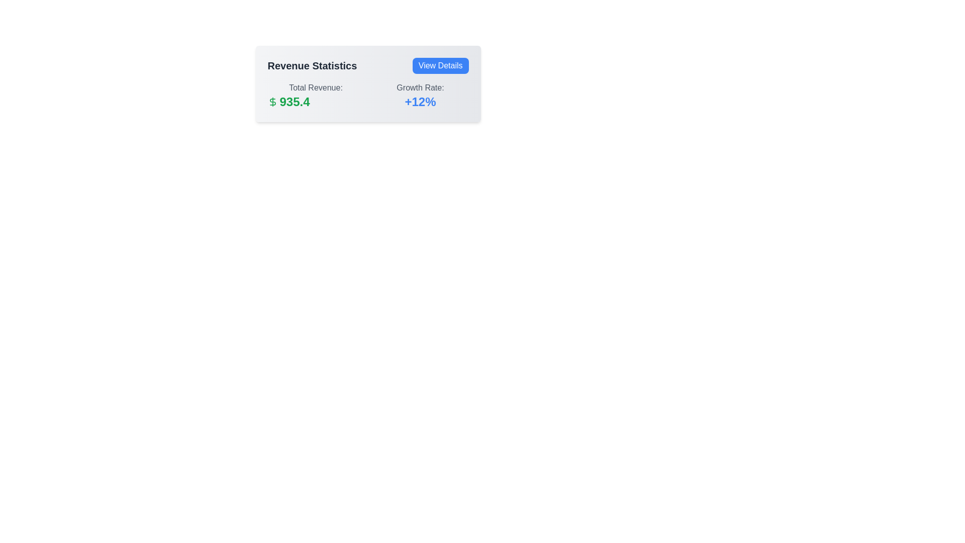  Describe the element at coordinates (315, 96) in the screenshot. I see `the informational text with graphical icon that displays the total revenue, located in the left part of the revenue information section` at that location.